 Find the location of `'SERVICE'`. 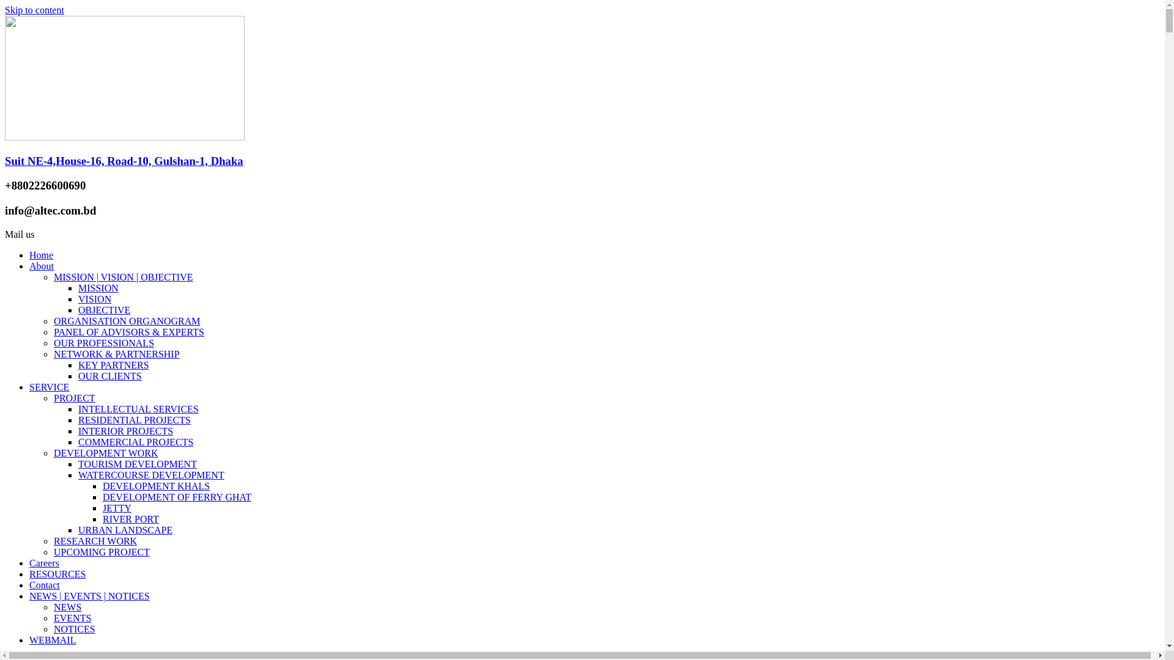

'SERVICE' is located at coordinates (49, 387).